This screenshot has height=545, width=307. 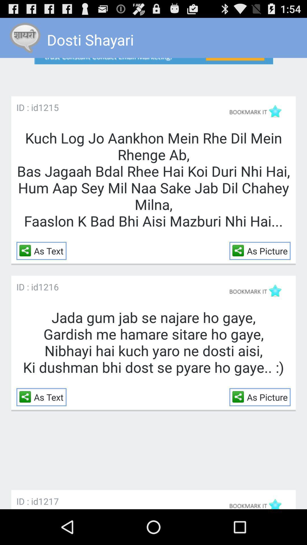 I want to click on app above the id : id app, so click(x=26, y=250).